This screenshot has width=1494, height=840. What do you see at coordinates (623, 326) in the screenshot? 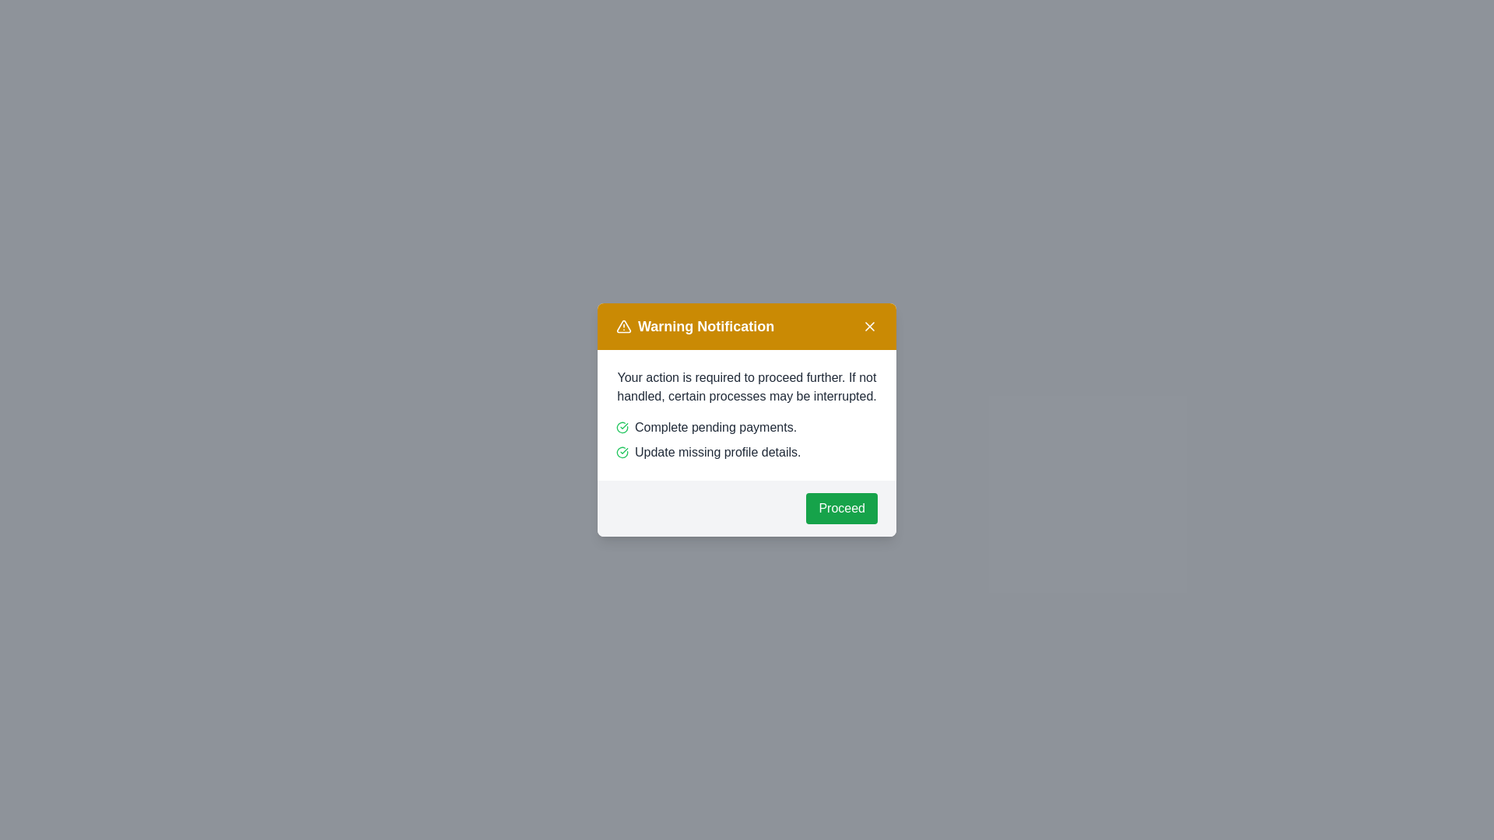
I see `the warning icon located in the header section of the notification modal, to the left of the 'Warning Notification' text label` at bounding box center [623, 326].